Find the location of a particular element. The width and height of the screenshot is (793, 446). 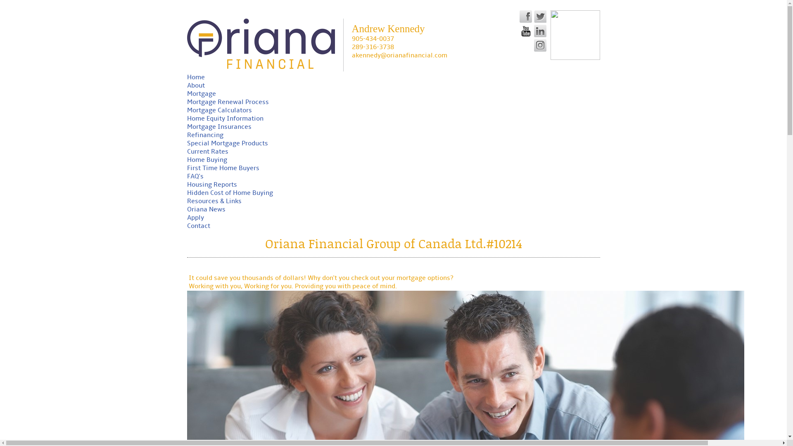

'Oriana News' is located at coordinates (206, 209).